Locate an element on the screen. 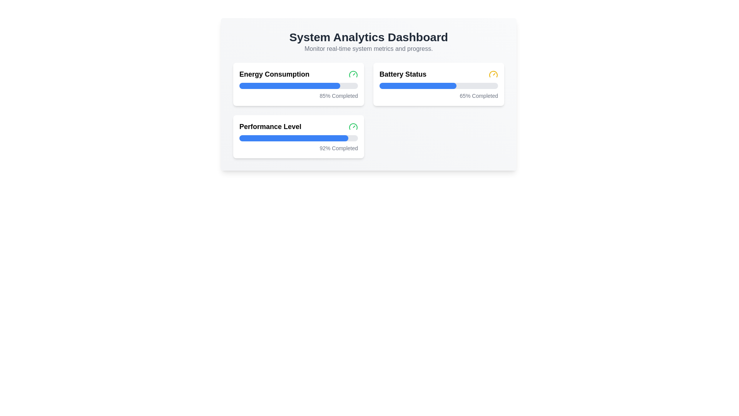 This screenshot has height=416, width=739. the descriptive heading Text label located at the top-left of the bottom-left card in the grid layout, which clarifies the content's context related to performance metrics is located at coordinates (270, 126).